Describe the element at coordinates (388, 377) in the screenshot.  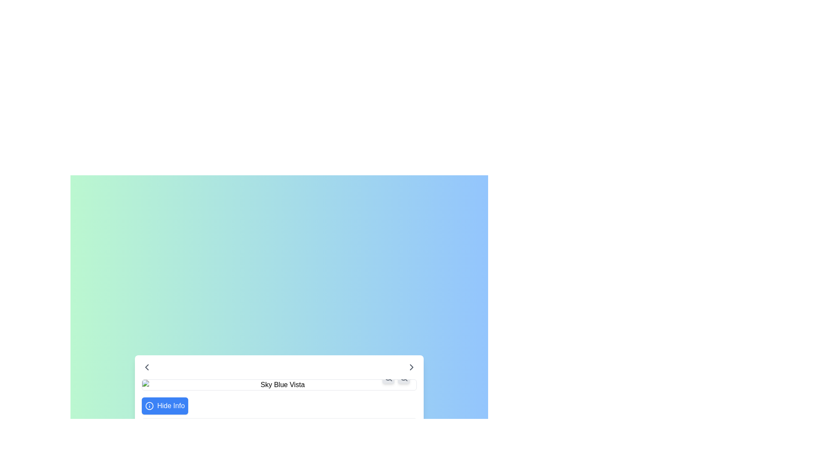
I see `the zoom out button located in the bottom-right section of the interface` at that location.